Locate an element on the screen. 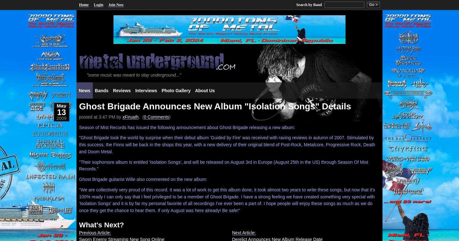 This screenshot has width=459, height=241. ')' is located at coordinates (169, 117).